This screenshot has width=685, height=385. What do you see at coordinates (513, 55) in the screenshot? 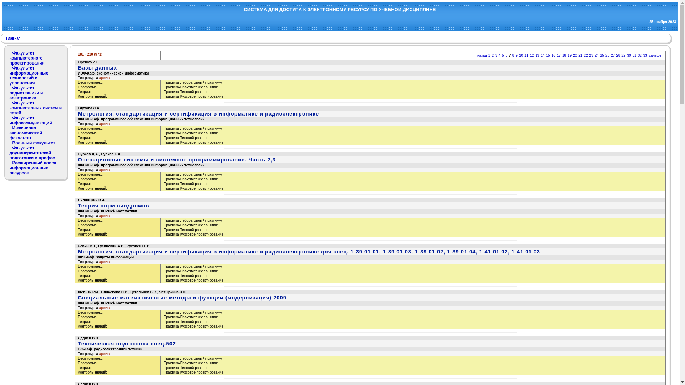
I see `'8'` at bounding box center [513, 55].